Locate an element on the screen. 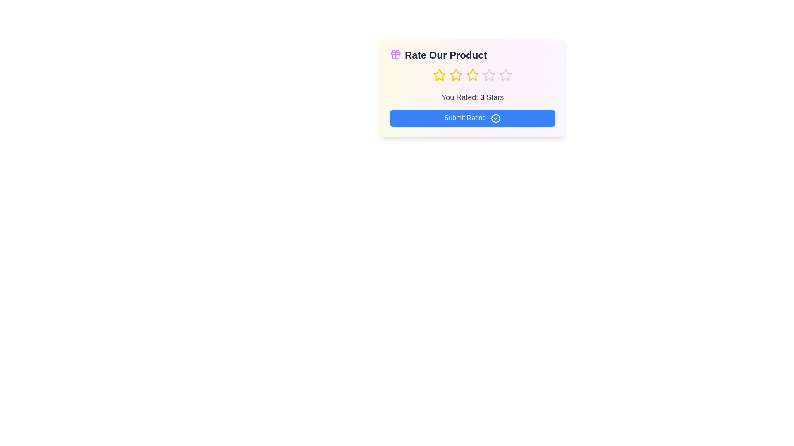 This screenshot has width=794, height=446. the star corresponding to the desired rating 5 is located at coordinates (505, 75).